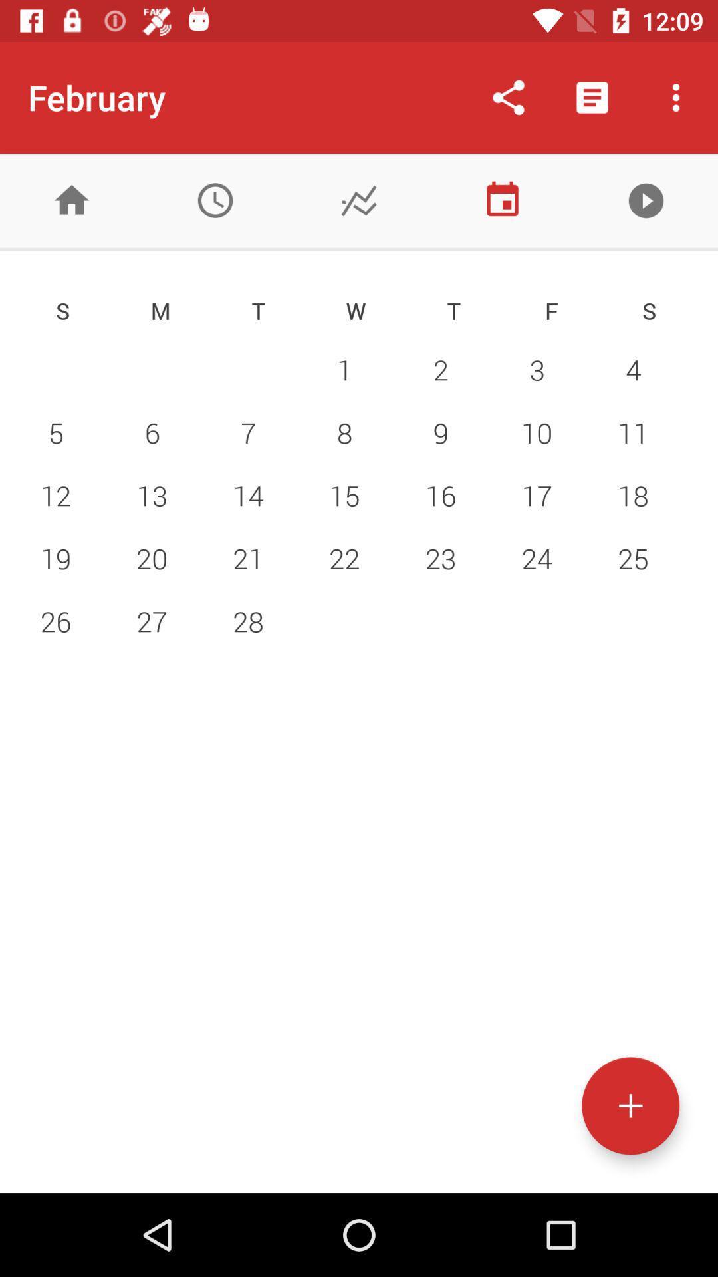 This screenshot has height=1277, width=718. I want to click on the add icon, so click(630, 1105).